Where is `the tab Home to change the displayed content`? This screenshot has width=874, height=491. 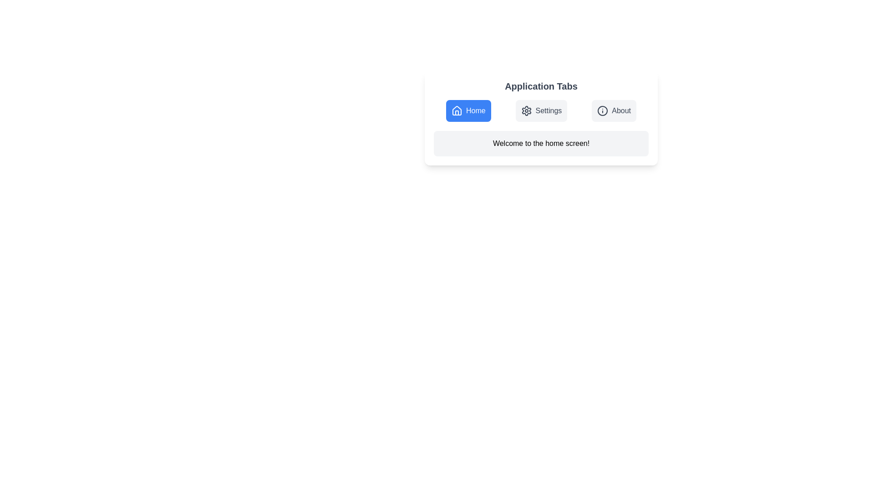
the tab Home to change the displayed content is located at coordinates (468, 110).